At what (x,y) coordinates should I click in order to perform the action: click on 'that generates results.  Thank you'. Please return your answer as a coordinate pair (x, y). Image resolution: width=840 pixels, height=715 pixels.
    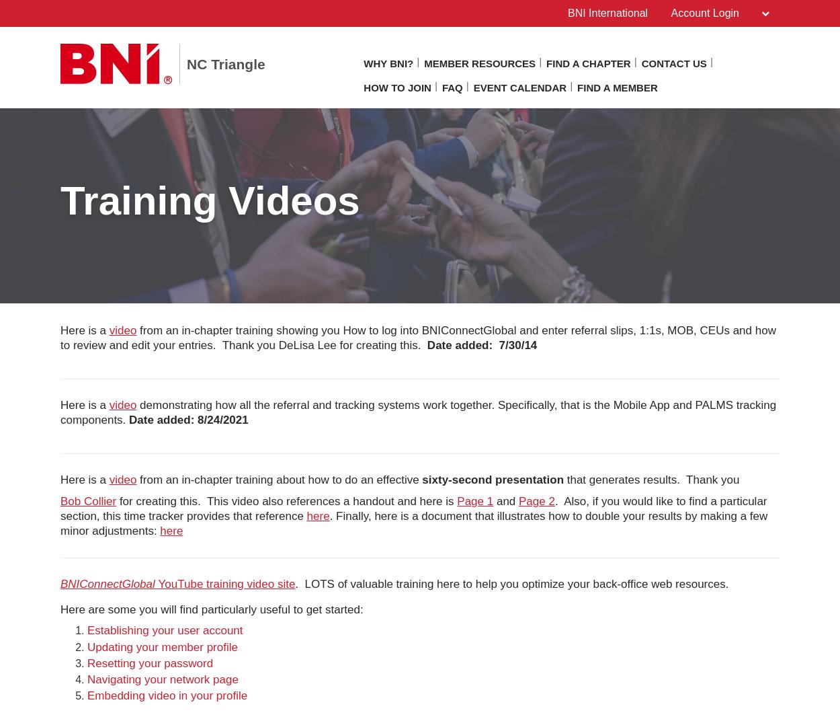
    Looking at the image, I should click on (650, 479).